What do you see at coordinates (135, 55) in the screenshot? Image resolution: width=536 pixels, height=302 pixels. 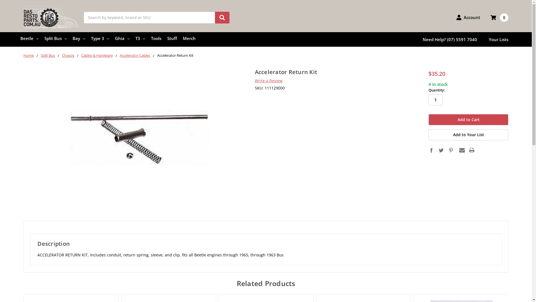 I see `'Accelerator Cables'` at bounding box center [135, 55].